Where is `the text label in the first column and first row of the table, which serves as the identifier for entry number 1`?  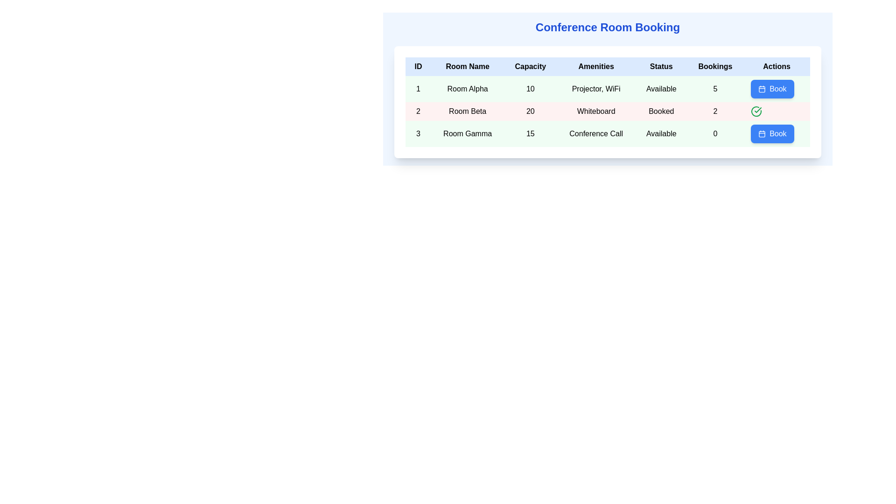 the text label in the first column and first row of the table, which serves as the identifier for entry number 1 is located at coordinates (418, 89).